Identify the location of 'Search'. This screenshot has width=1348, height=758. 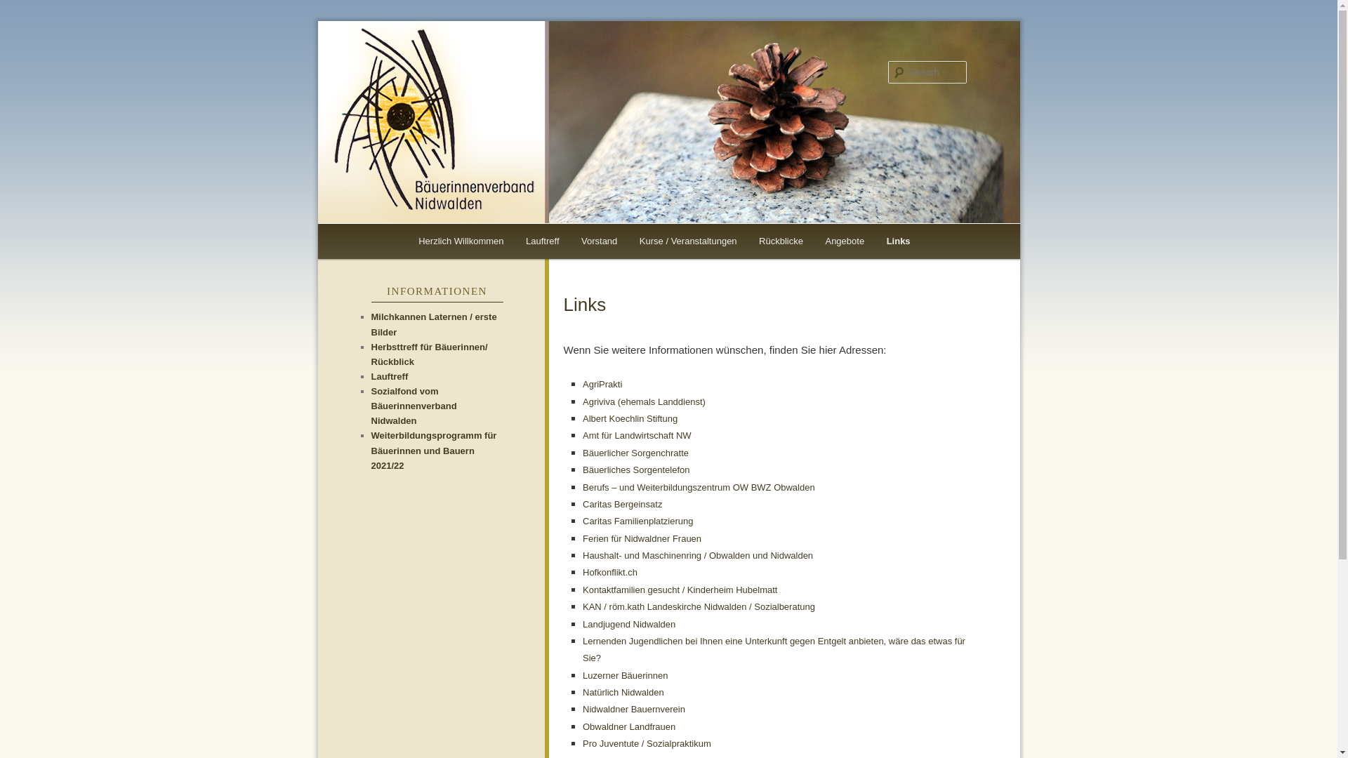
(22, 8).